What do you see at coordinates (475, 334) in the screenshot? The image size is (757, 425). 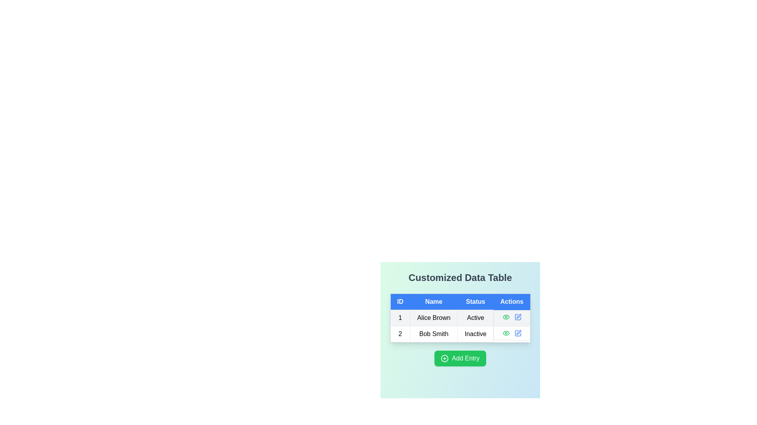 I see `the 'Inactive' label in the third cell of the second row under the 'Status' column for 'Bob Smith'` at bounding box center [475, 334].